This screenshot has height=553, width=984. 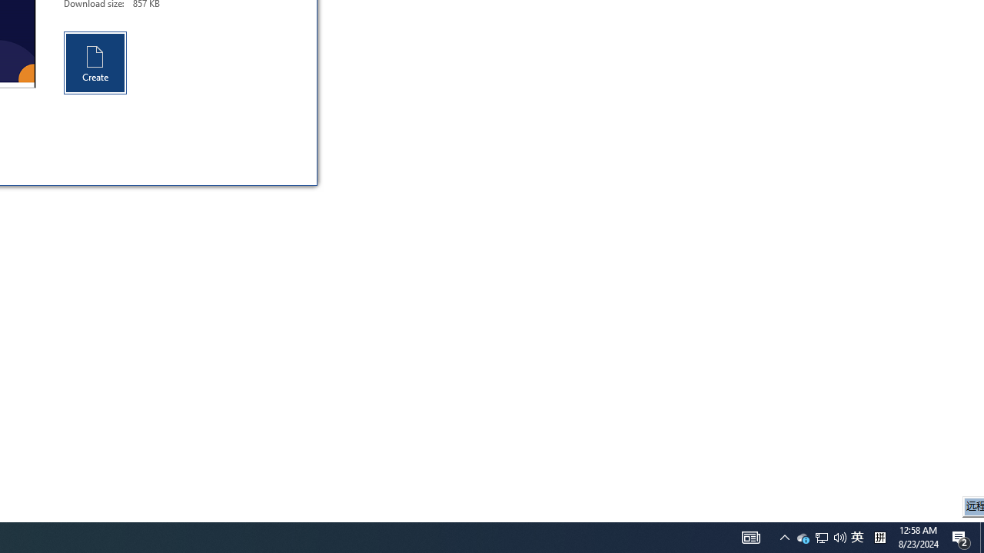 I want to click on 'Tray Input Indicator - Chinese (Simplified, China)', so click(x=879, y=536).